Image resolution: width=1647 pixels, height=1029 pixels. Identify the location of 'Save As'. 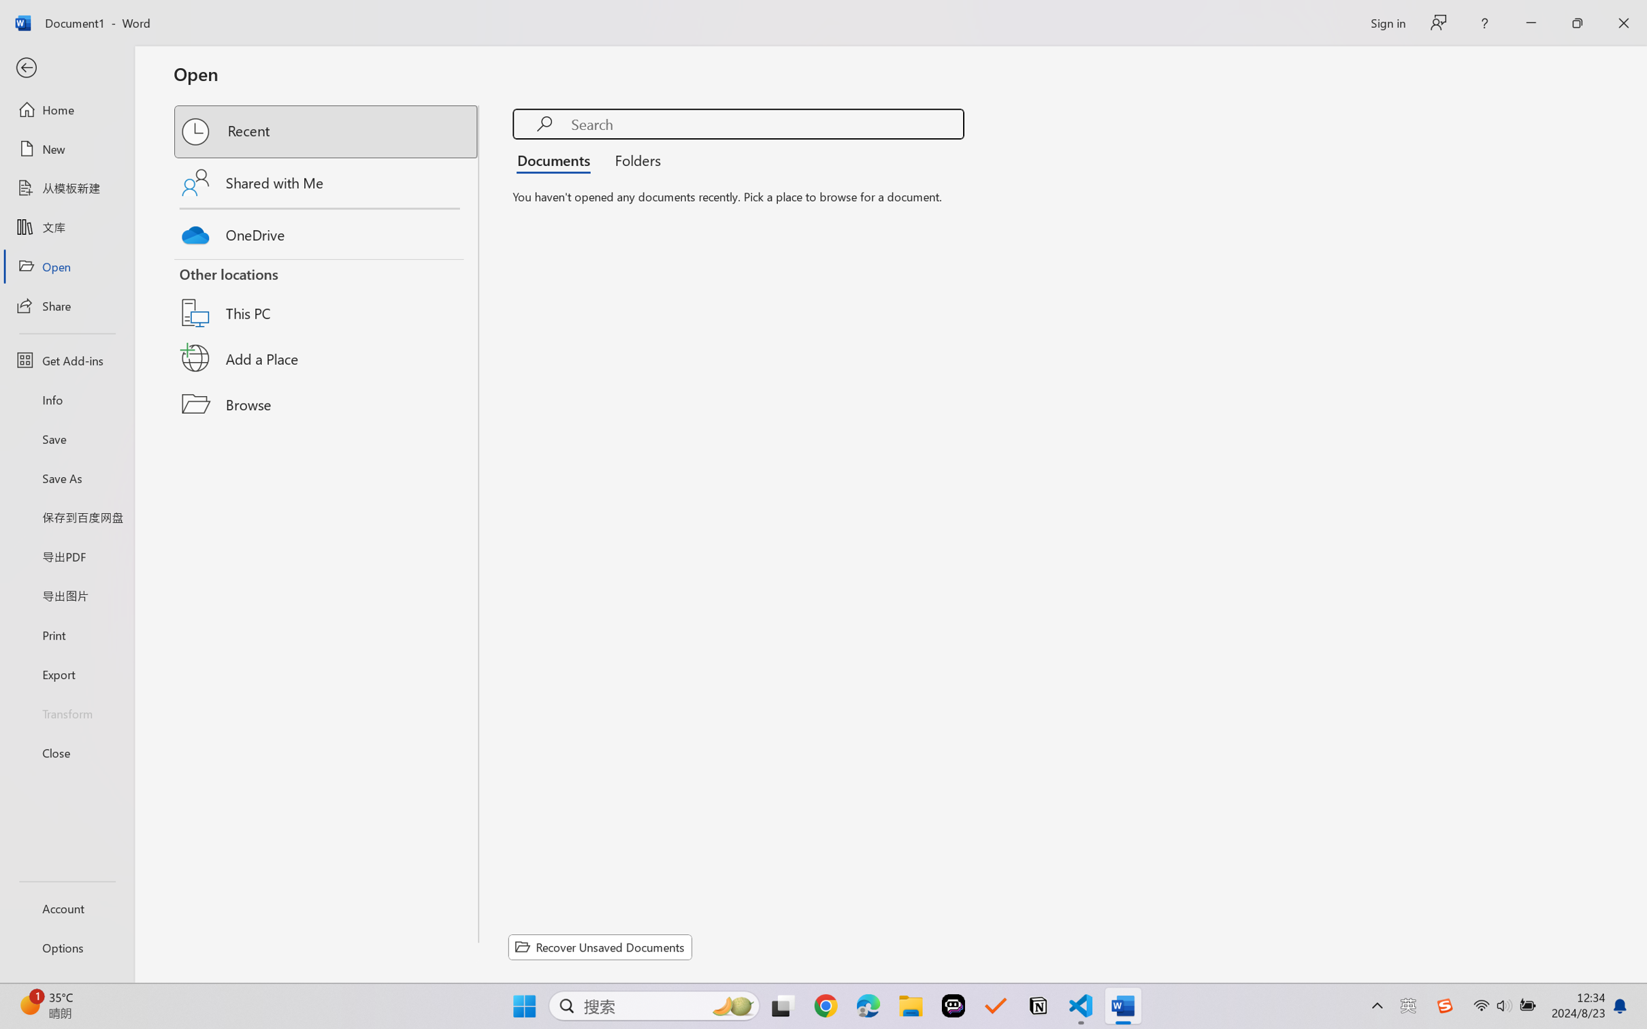
(66, 478).